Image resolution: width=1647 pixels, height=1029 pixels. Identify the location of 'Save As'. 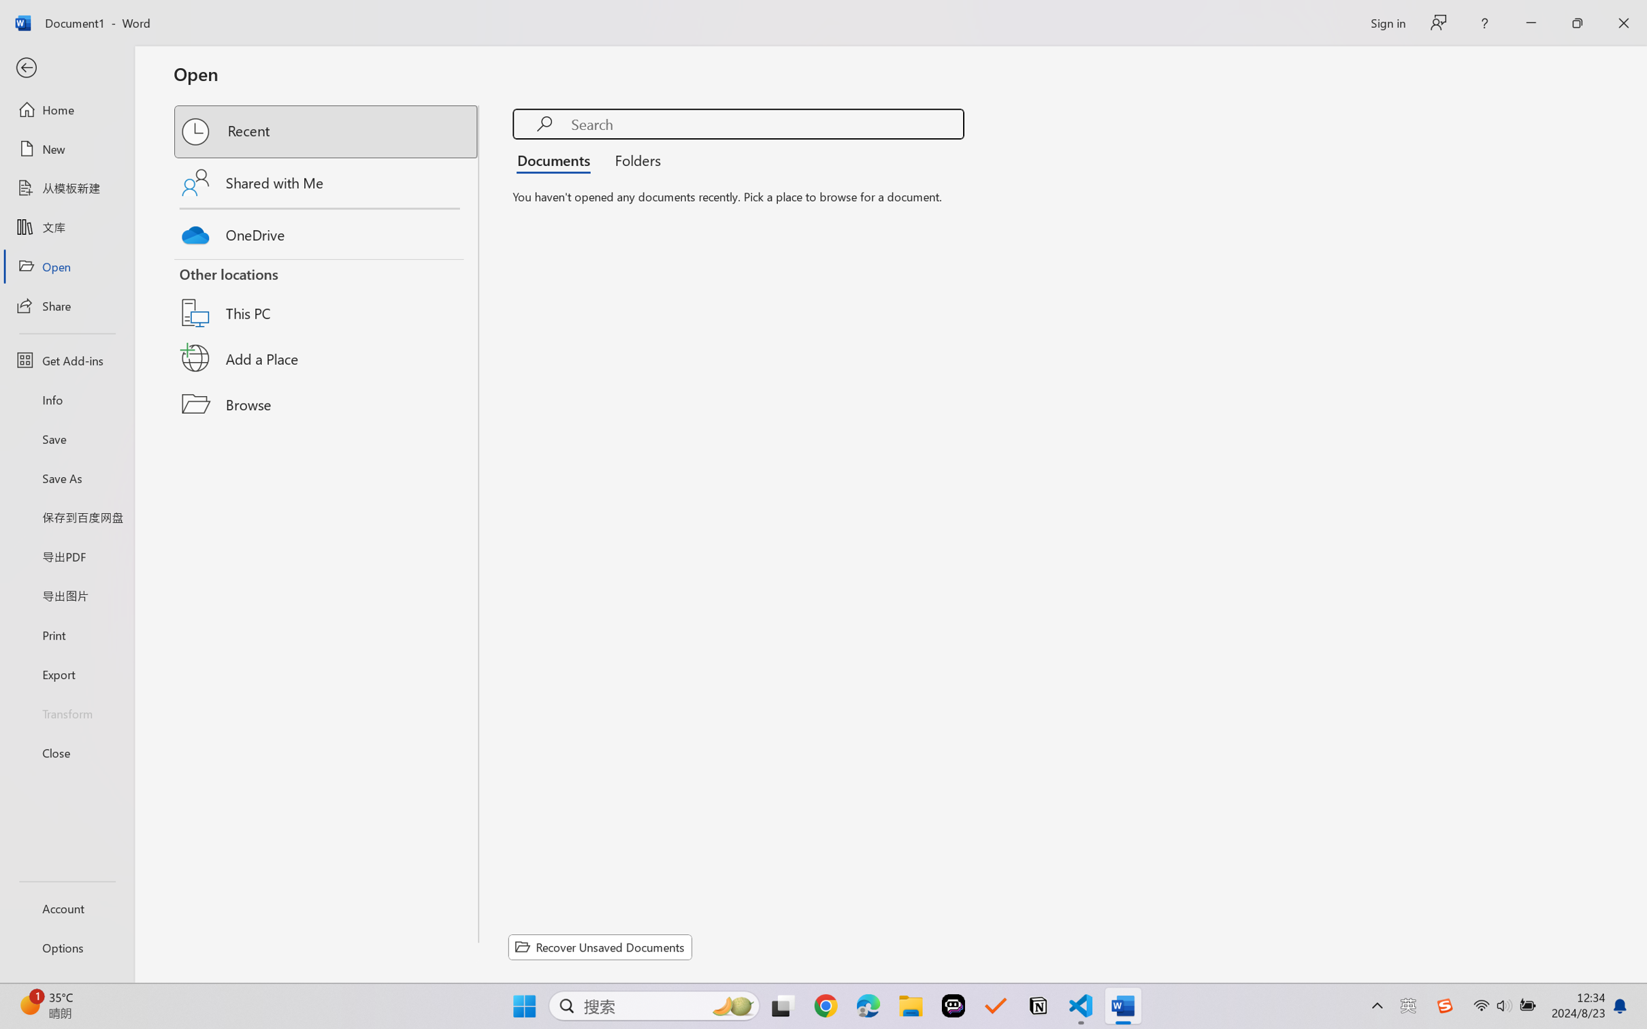
(66, 478).